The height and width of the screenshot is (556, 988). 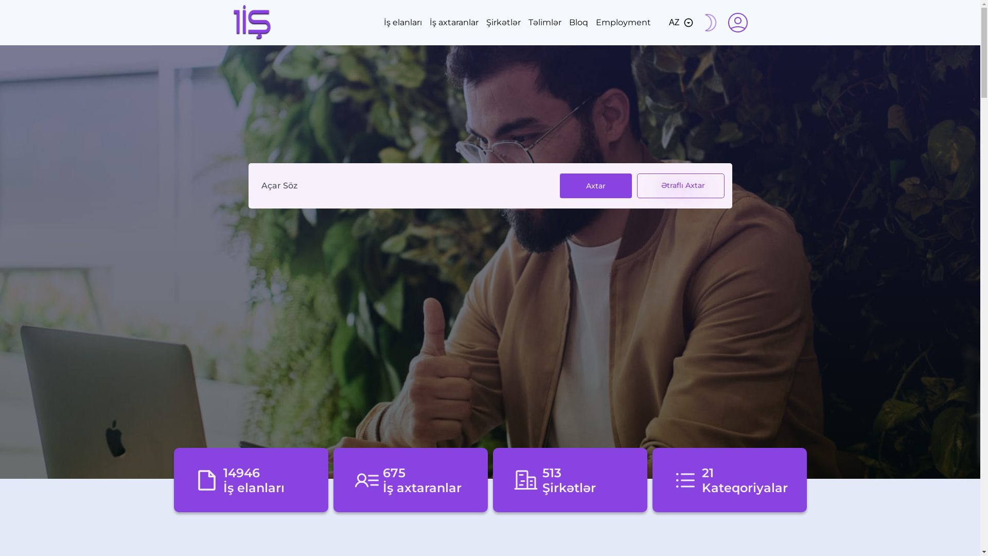 I want to click on '21, so click(x=729, y=480).